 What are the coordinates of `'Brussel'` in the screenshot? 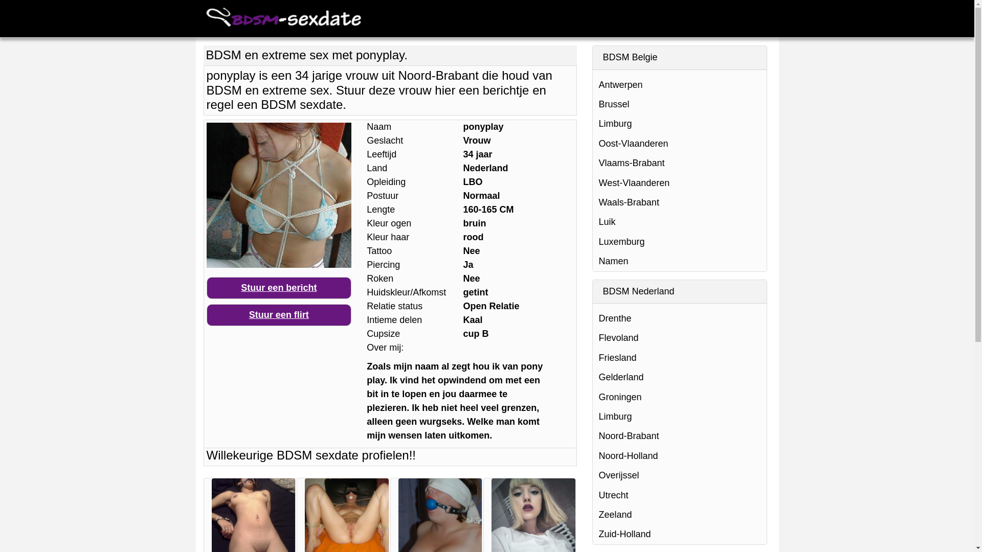 It's located at (679, 104).